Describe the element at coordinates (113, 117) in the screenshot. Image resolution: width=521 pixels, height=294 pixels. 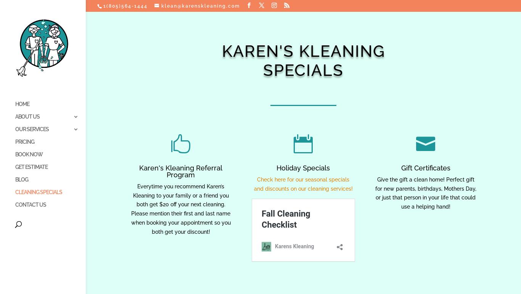
I see `'POLICIES'` at that location.